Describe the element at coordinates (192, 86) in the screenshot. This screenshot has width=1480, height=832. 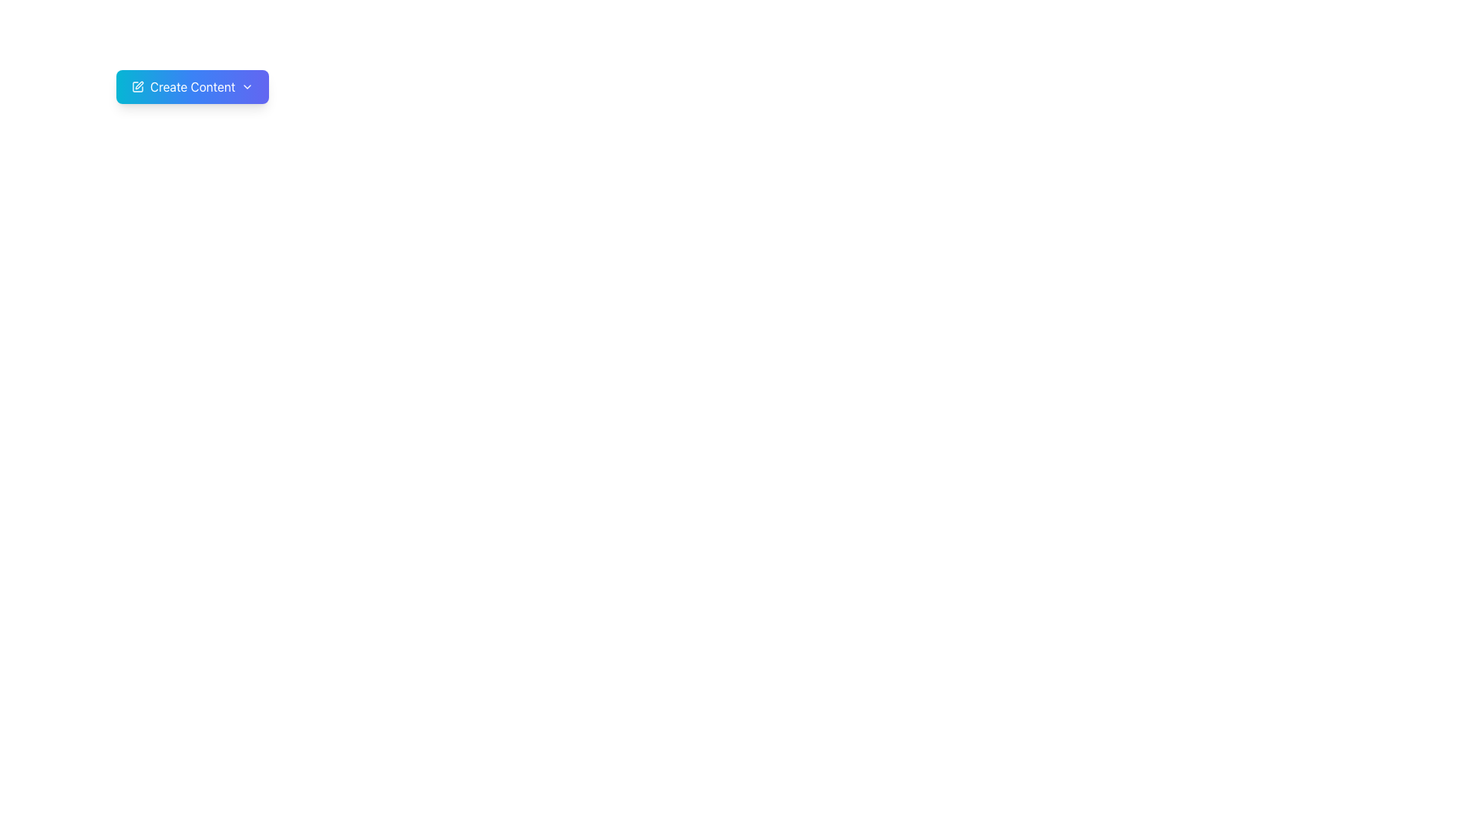
I see `the 'Create Content' static text element displayed in white font, which is centered within a gradient button transitioning from cyan to blue to indigo` at that location.